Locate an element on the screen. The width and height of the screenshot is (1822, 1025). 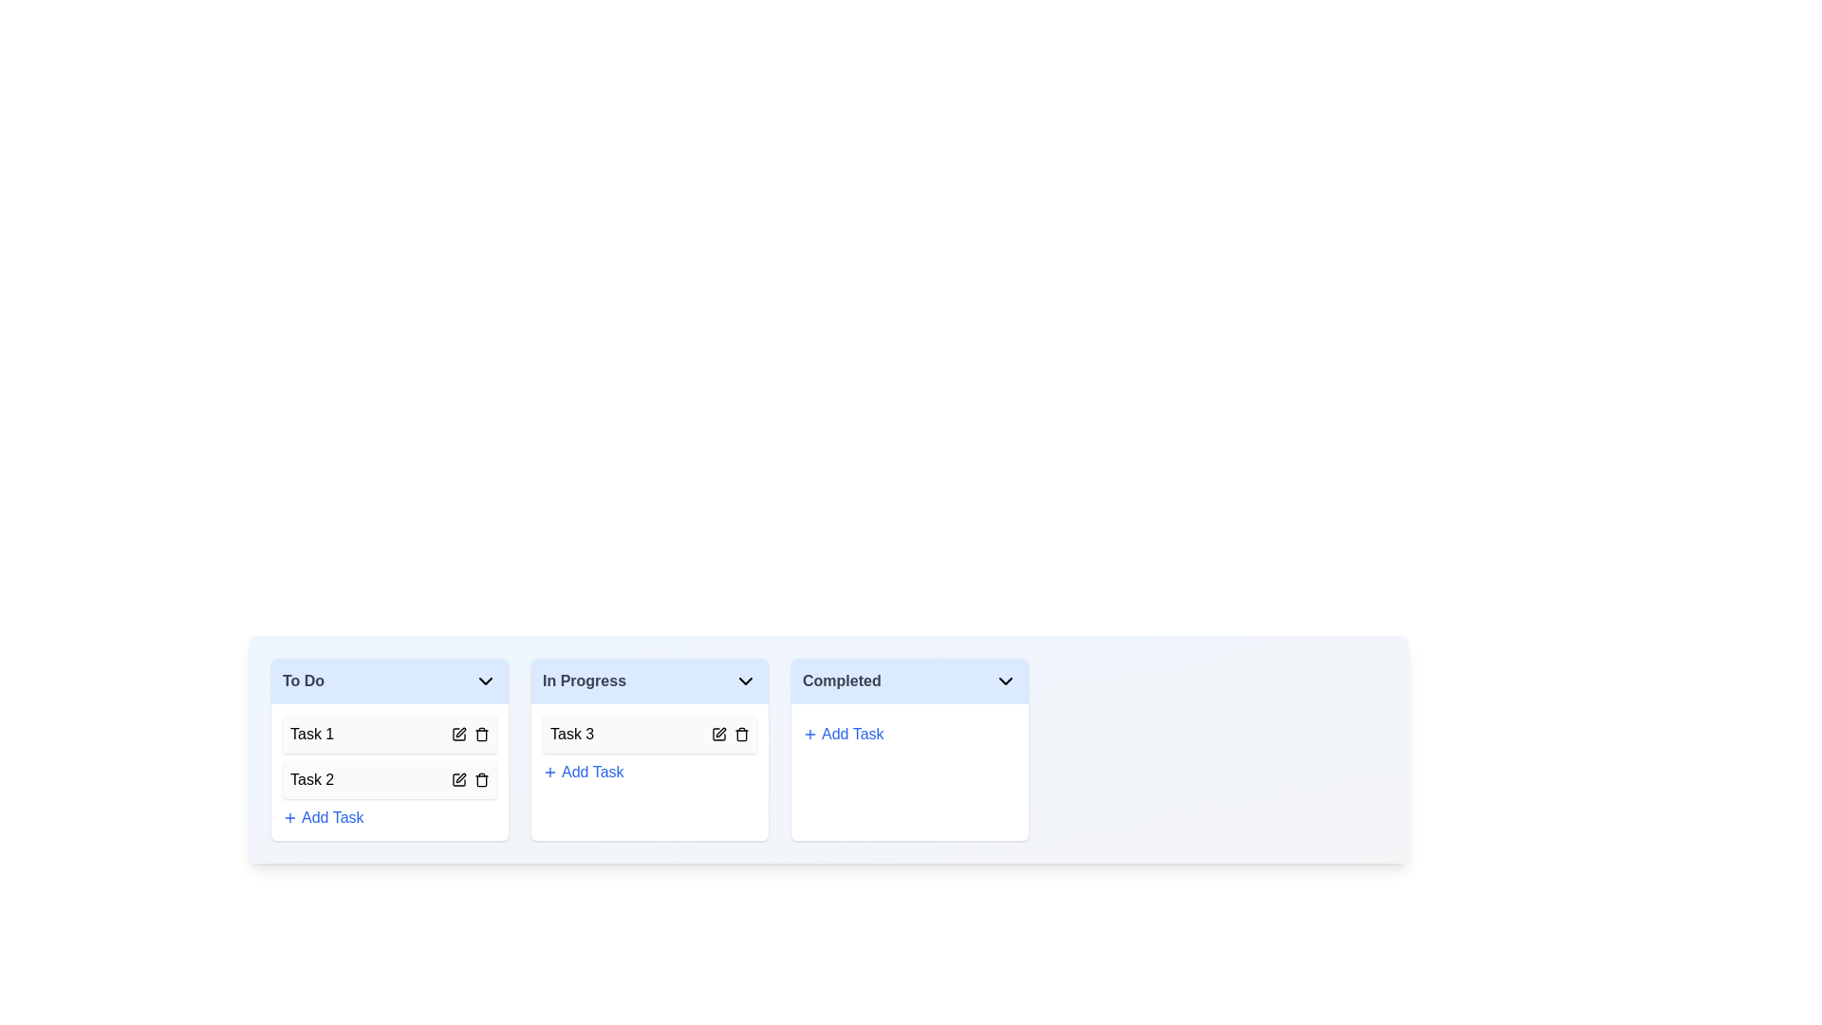
the 'Add Task' button for Completed board is located at coordinates (842, 734).